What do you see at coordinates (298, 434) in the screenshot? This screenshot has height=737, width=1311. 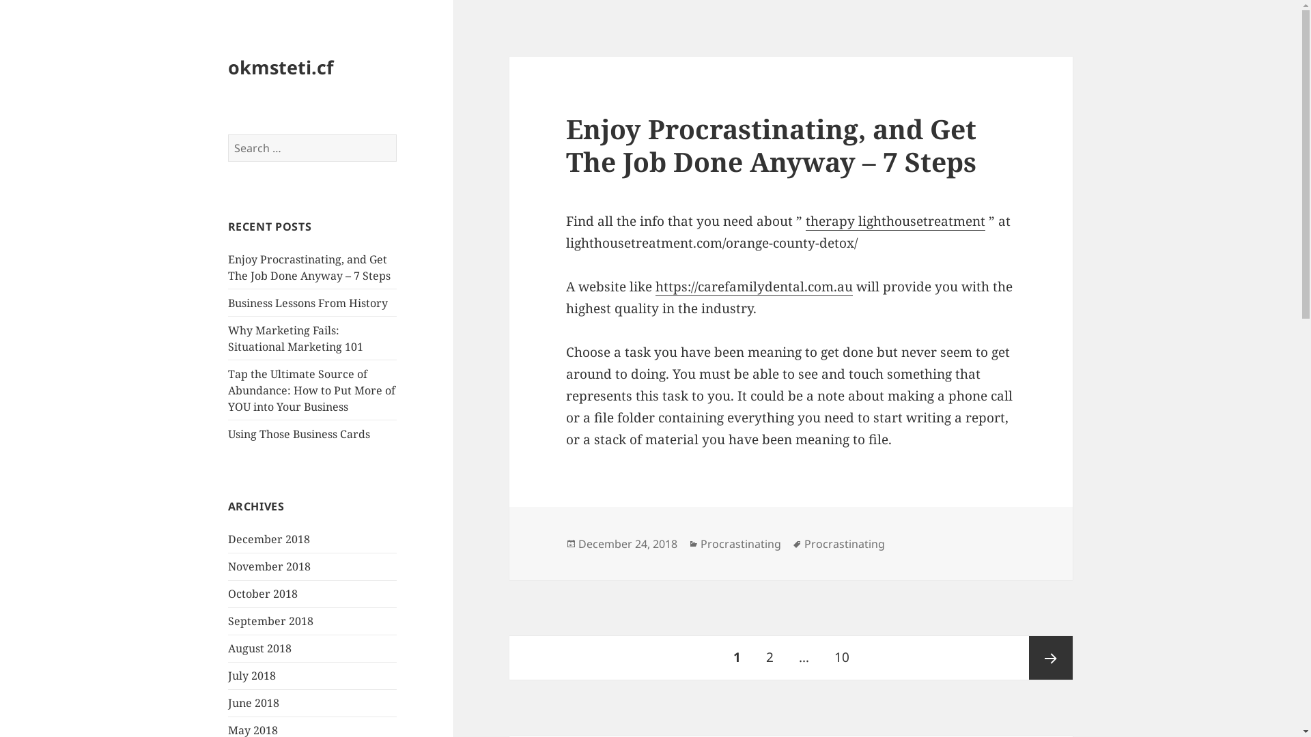 I see `'Using Those Business Cards'` at bounding box center [298, 434].